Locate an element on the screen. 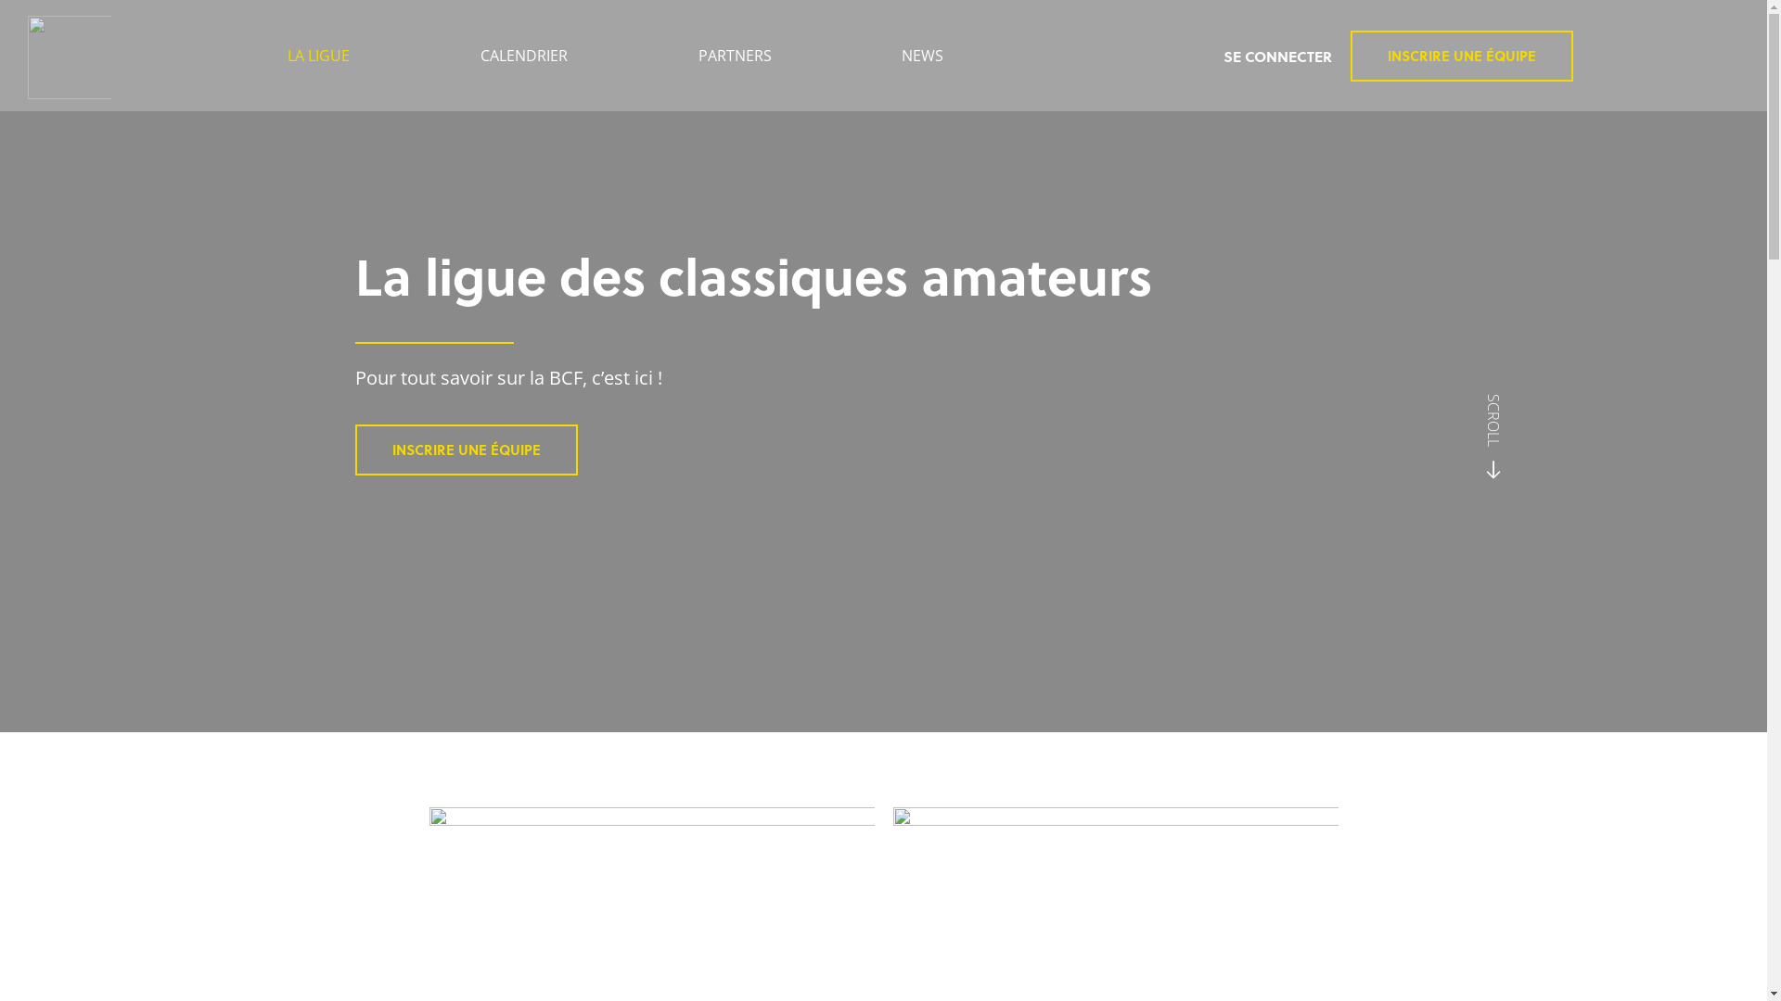  'LA LIGUE' is located at coordinates (223, 55).